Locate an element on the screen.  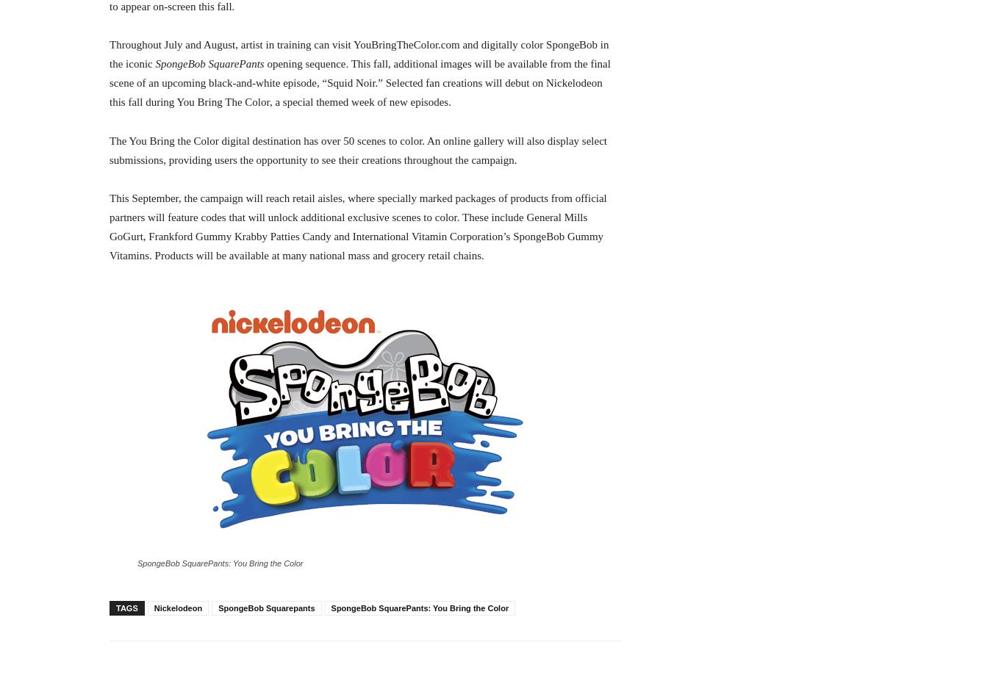
'Nickelodeon' is located at coordinates (178, 608).